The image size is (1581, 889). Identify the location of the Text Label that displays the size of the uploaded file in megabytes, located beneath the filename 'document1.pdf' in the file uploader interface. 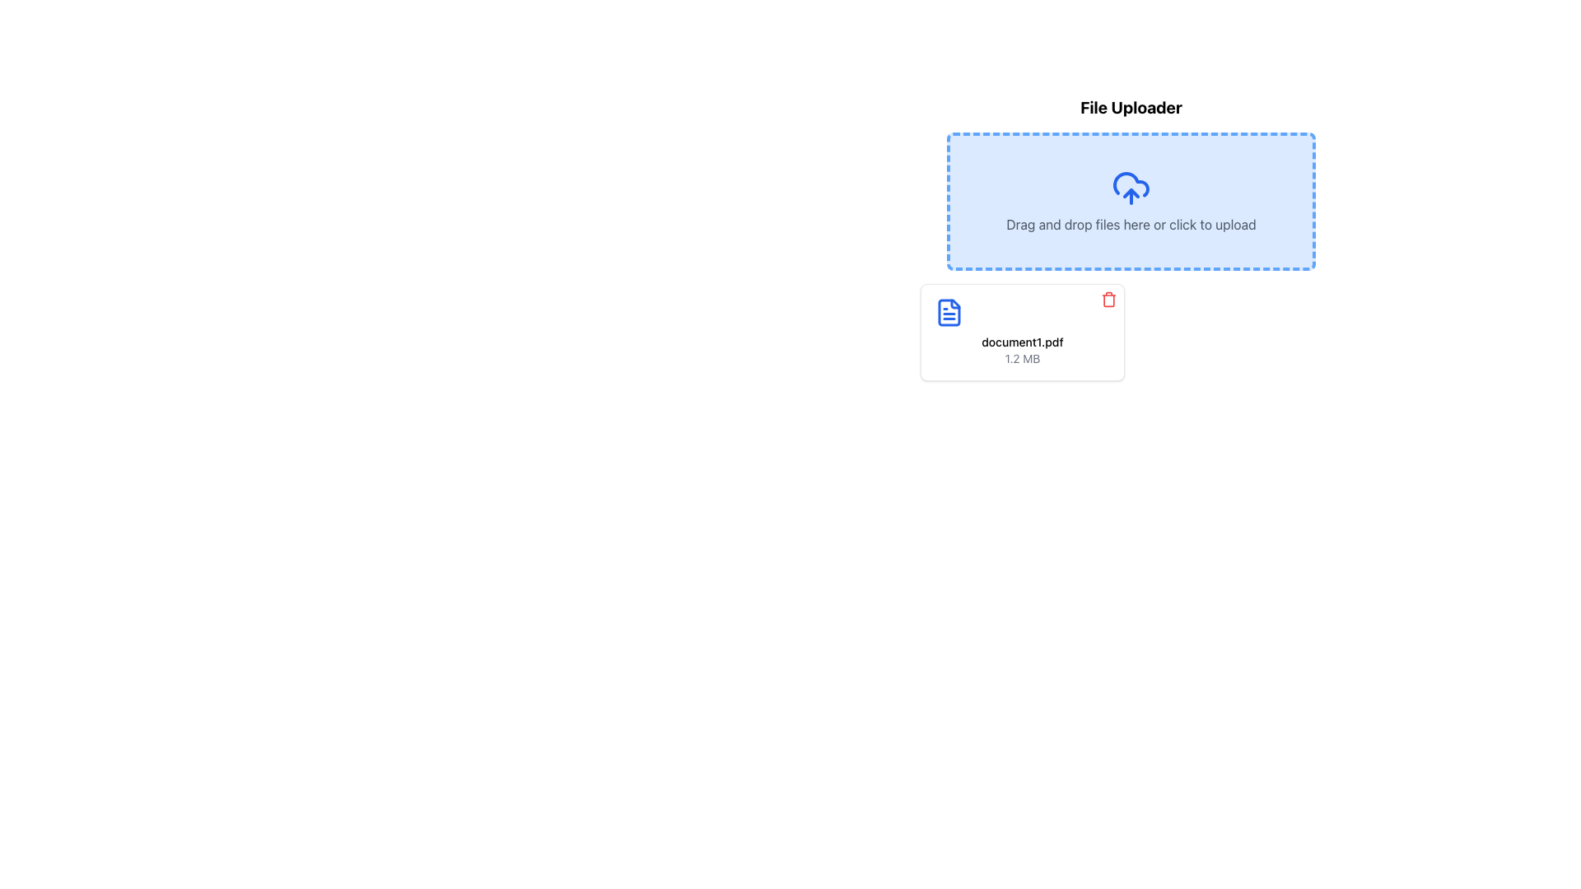
(1022, 357).